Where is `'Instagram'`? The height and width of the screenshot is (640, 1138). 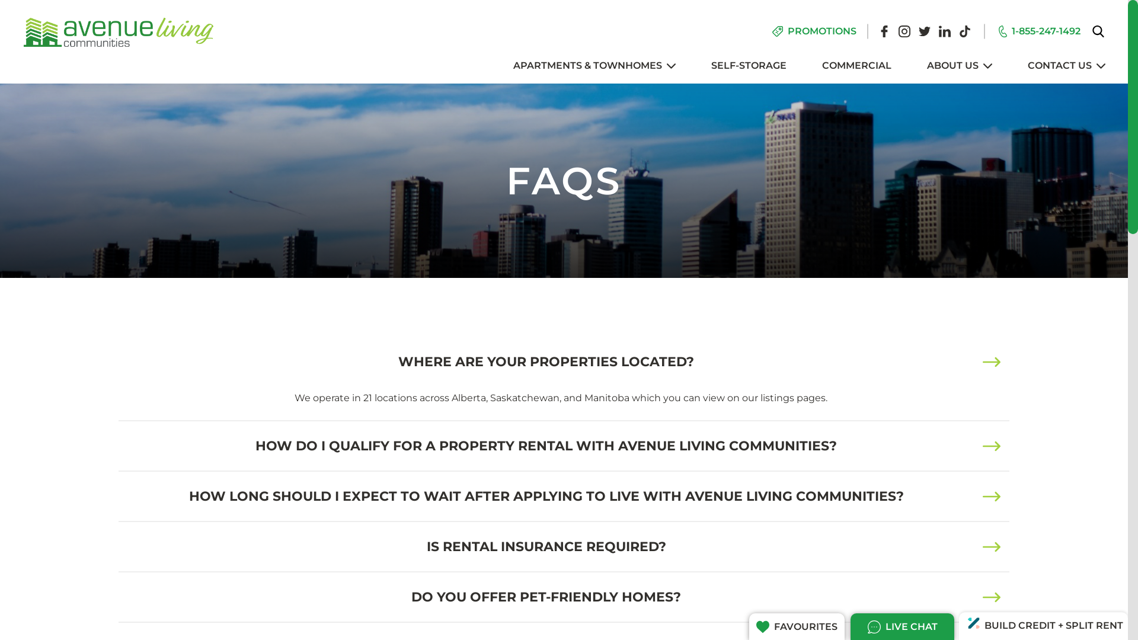 'Instagram' is located at coordinates (904, 31).